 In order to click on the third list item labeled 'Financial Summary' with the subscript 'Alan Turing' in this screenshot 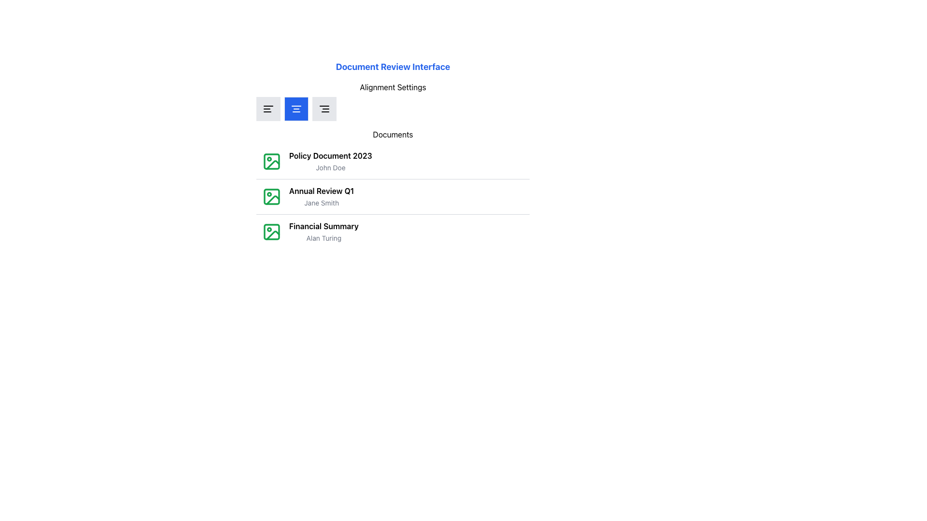, I will do `click(393, 231)`.